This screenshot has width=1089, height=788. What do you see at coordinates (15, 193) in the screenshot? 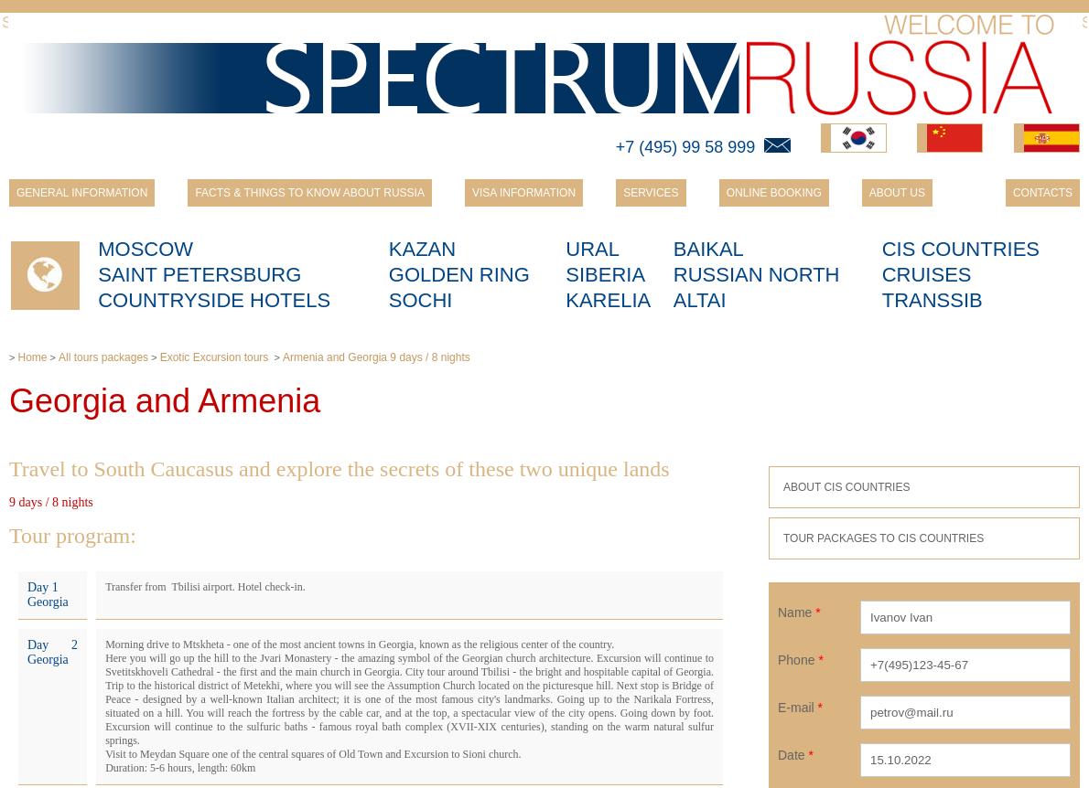
I see `'GENERAL INFORMATION'` at bounding box center [15, 193].